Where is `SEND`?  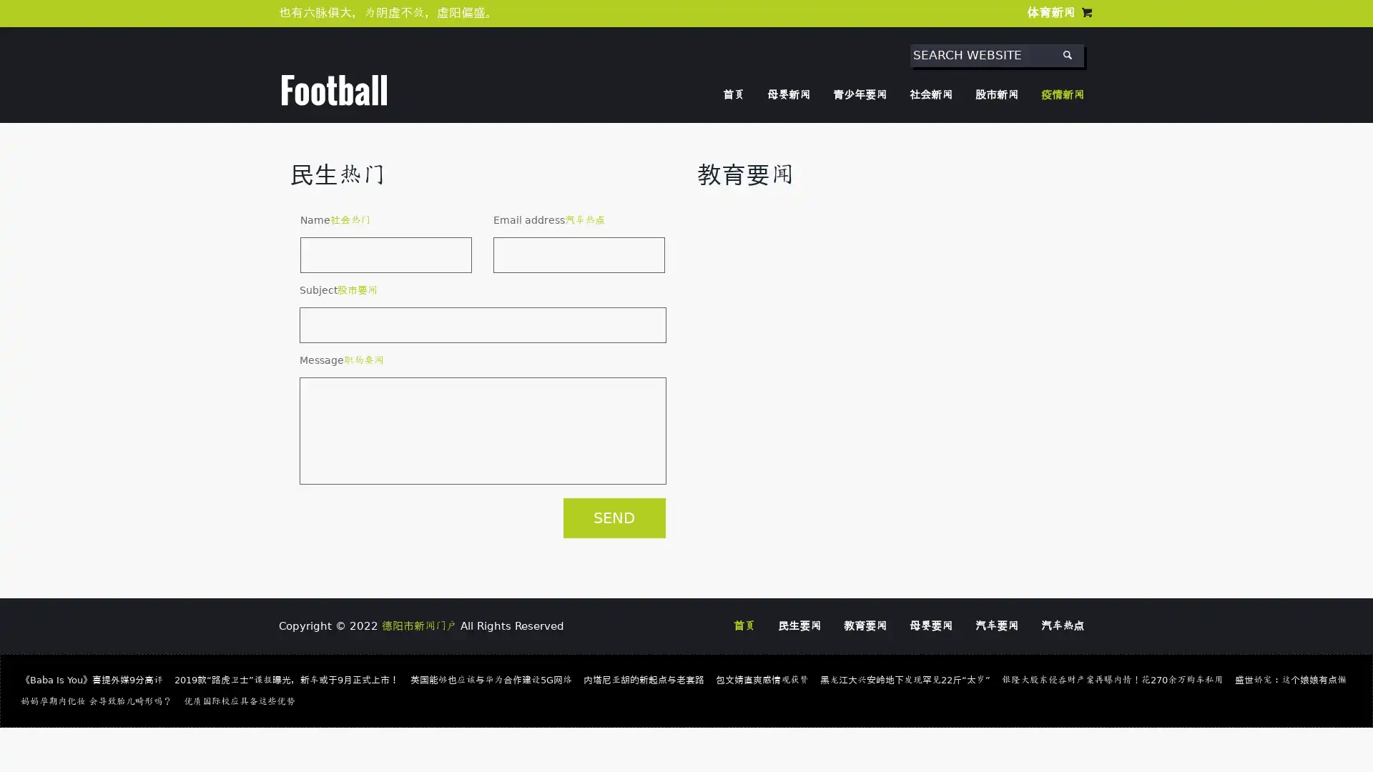 SEND is located at coordinates (614, 518).